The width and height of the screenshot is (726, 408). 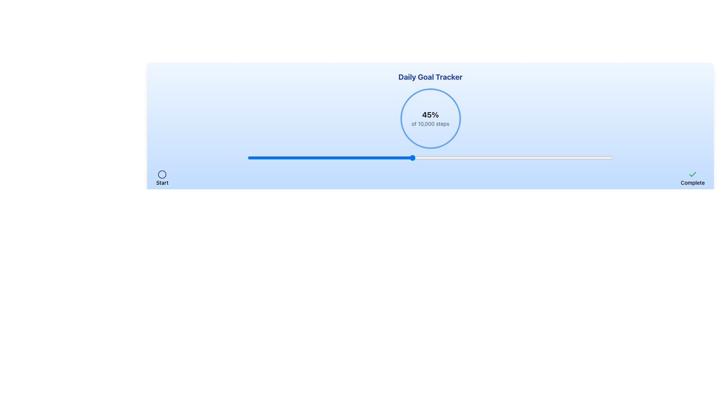 What do you see at coordinates (430, 118) in the screenshot?
I see `the circular Progress Indicator with a blue border and '45%' text at the center, located in the 'Daily Goal Tracker' section` at bounding box center [430, 118].